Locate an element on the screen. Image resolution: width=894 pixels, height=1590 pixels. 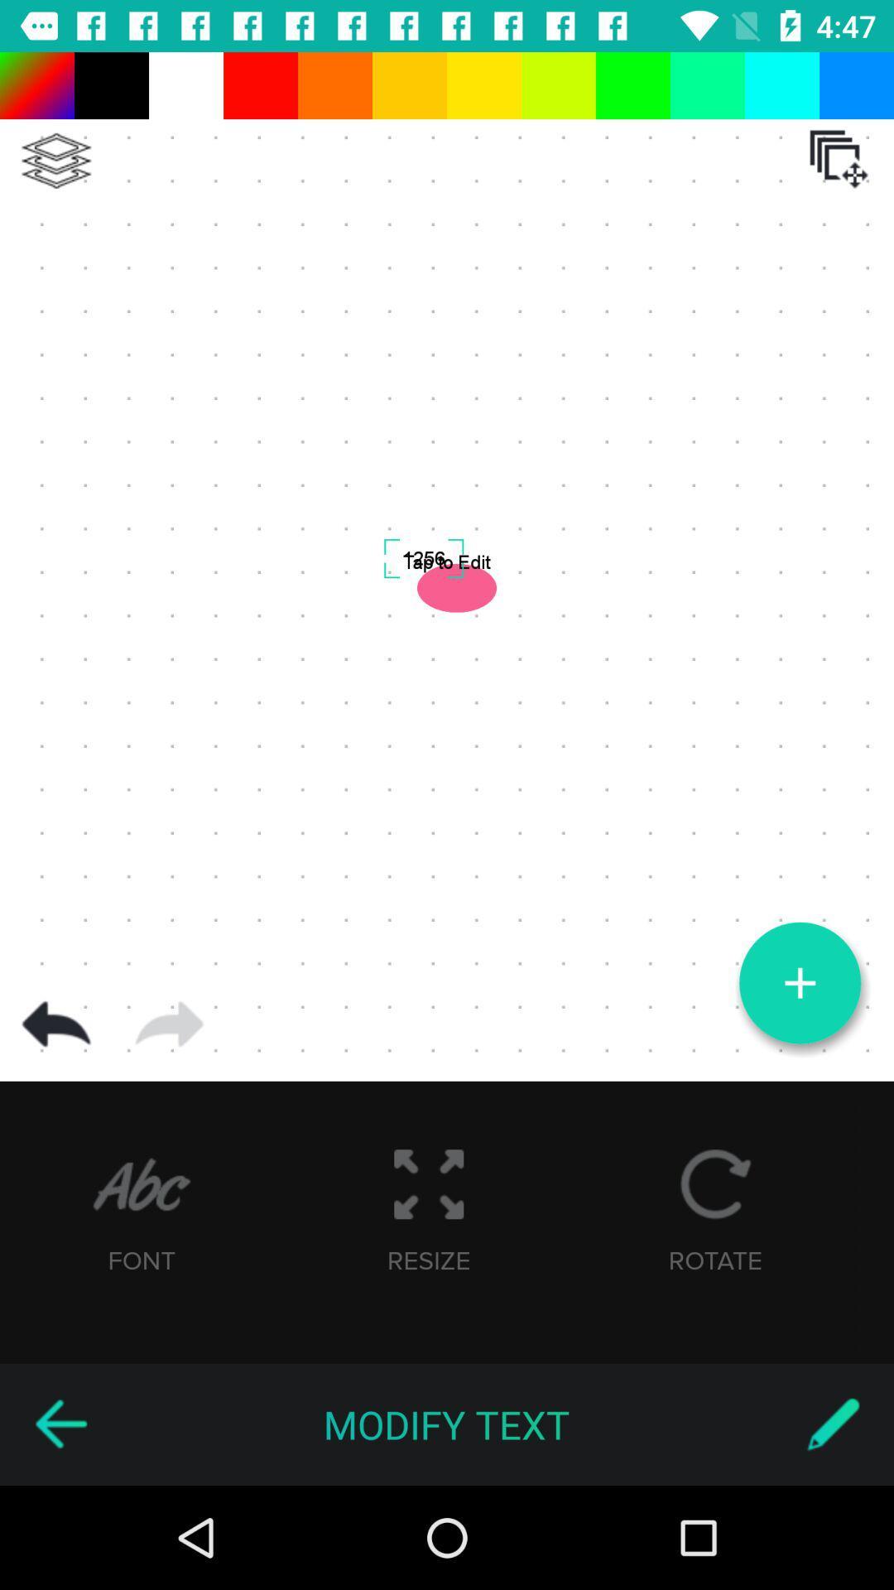
edit option is located at coordinates (833, 1424).